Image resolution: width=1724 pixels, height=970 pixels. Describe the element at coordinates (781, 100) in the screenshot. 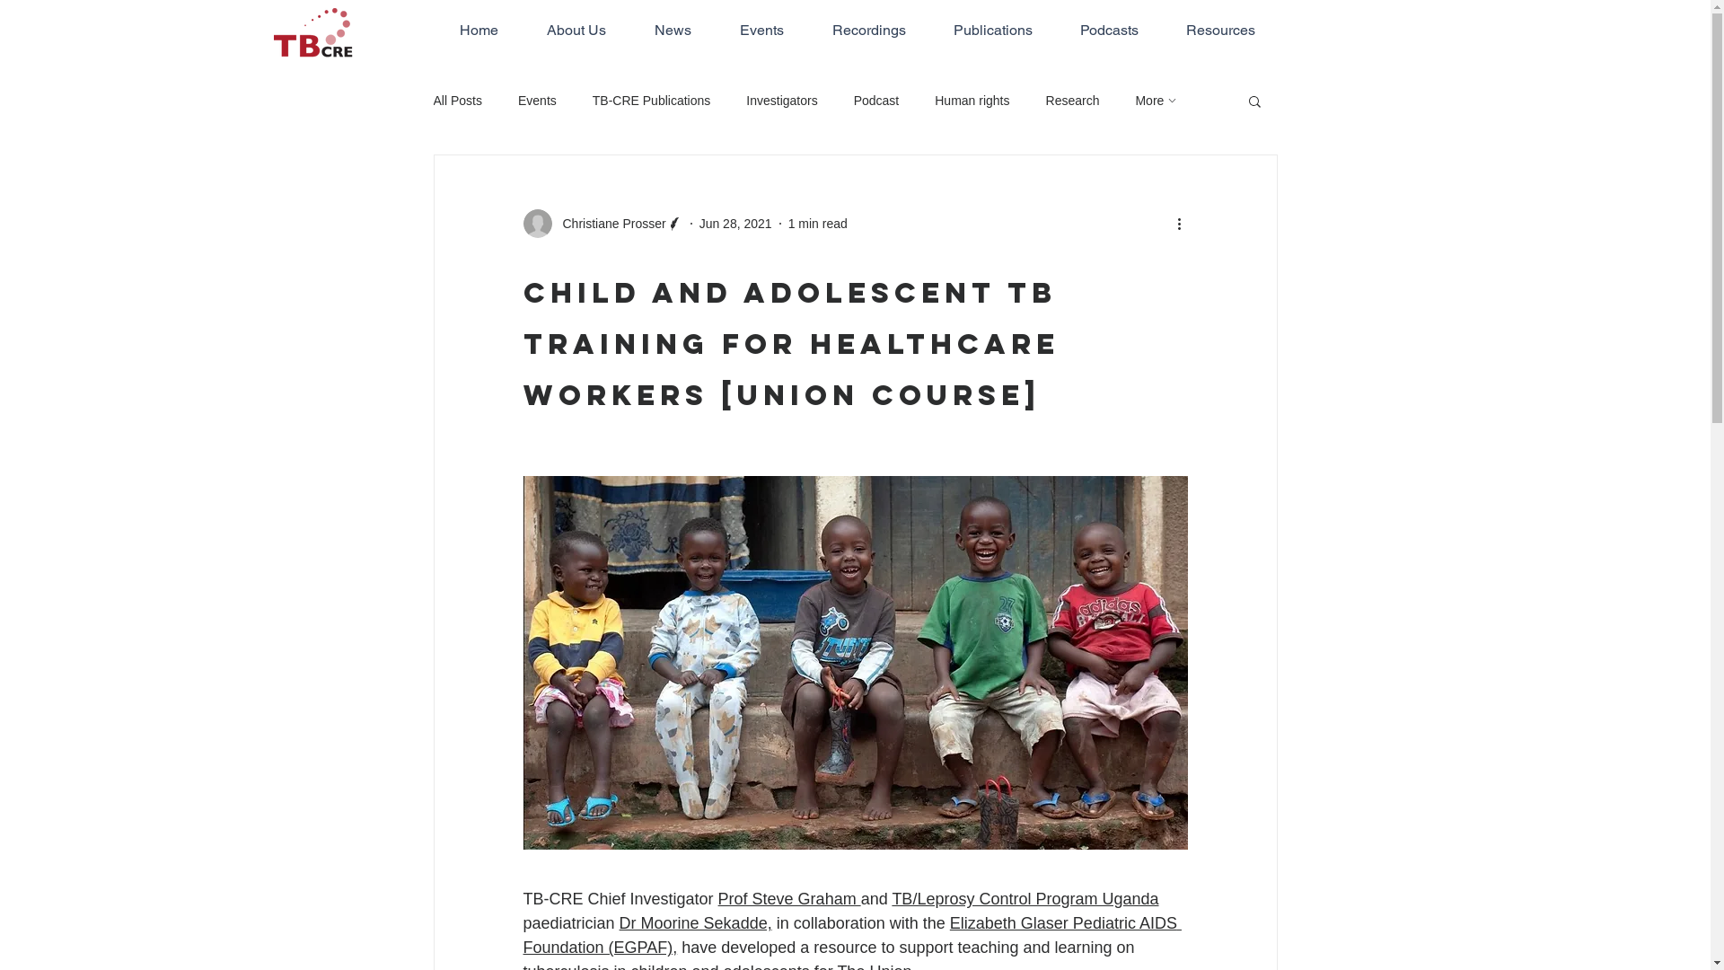

I see `'Investigators'` at that location.